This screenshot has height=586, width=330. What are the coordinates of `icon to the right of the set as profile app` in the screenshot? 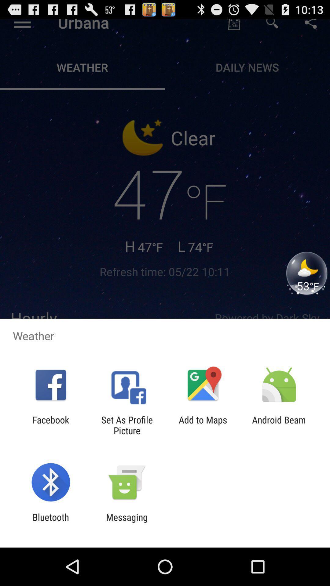 It's located at (203, 425).